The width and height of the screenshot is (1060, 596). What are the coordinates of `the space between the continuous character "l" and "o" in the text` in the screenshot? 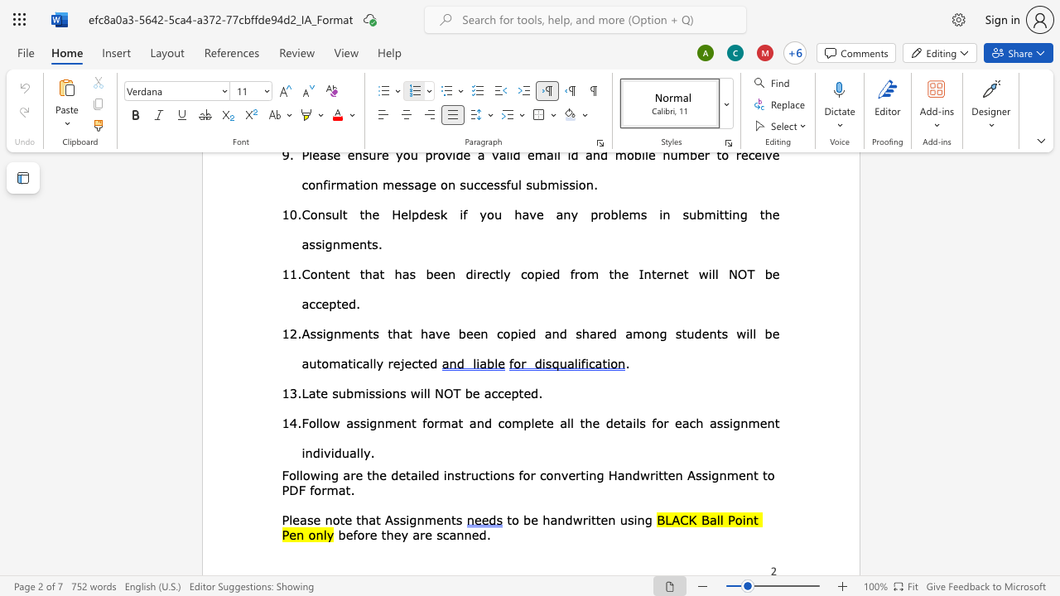 It's located at (324, 421).